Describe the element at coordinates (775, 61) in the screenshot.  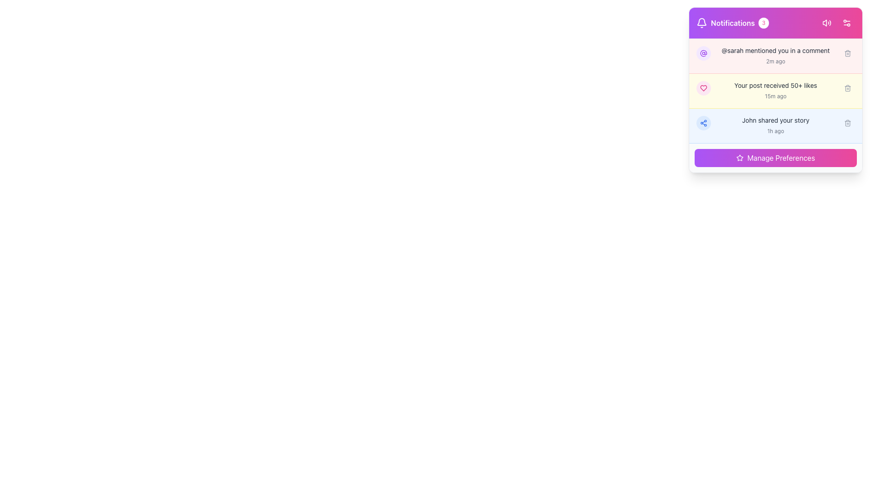
I see `timestamp displayed as '2m ago' in light gray color, located in the lower right corner of the topmost notification entry` at that location.